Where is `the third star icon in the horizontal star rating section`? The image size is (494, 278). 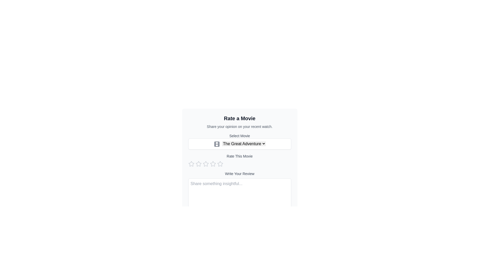
the third star icon in the horizontal star rating section is located at coordinates (213, 164).